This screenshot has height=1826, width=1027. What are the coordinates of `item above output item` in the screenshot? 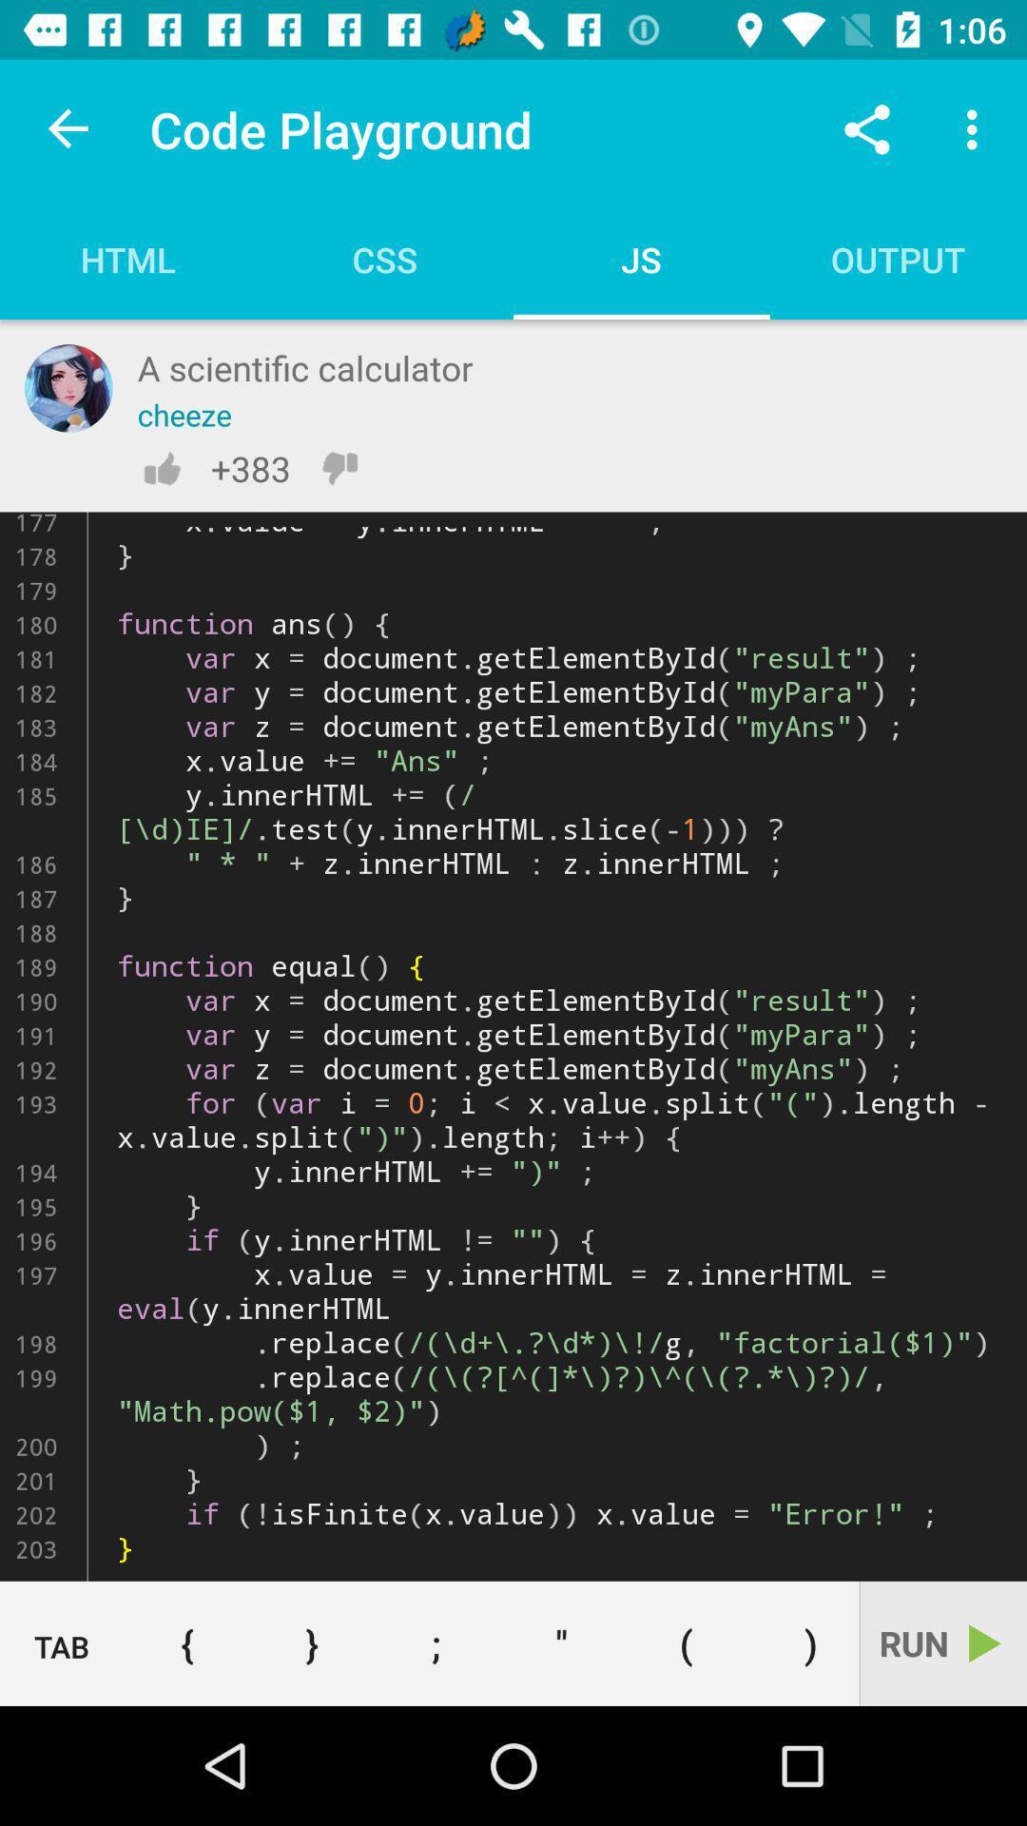 It's located at (866, 128).